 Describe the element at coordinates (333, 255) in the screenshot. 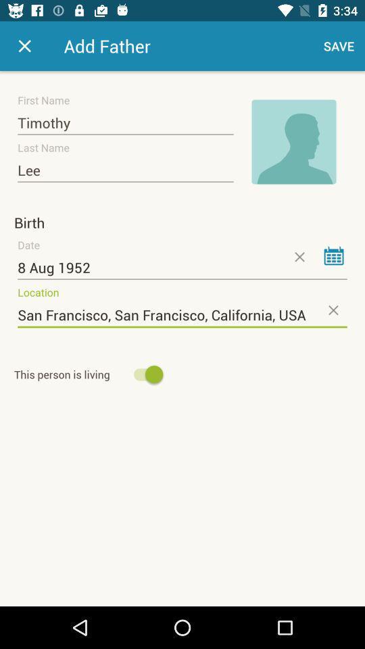

I see `the date_range icon` at that location.